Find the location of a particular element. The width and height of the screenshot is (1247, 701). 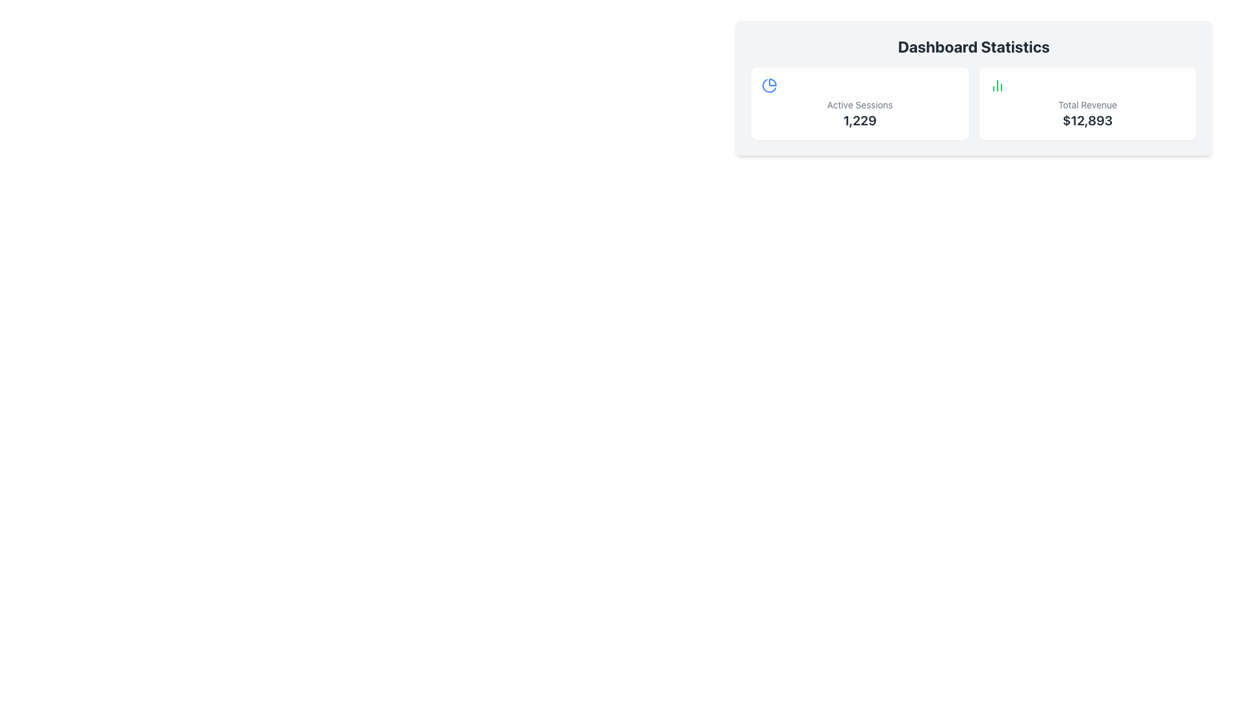

the 'Total Revenue' icon located in the top-right corner of the dashboard, above the text '$12,893' and to the left of the label 'Total Revenue' is located at coordinates (996, 85).